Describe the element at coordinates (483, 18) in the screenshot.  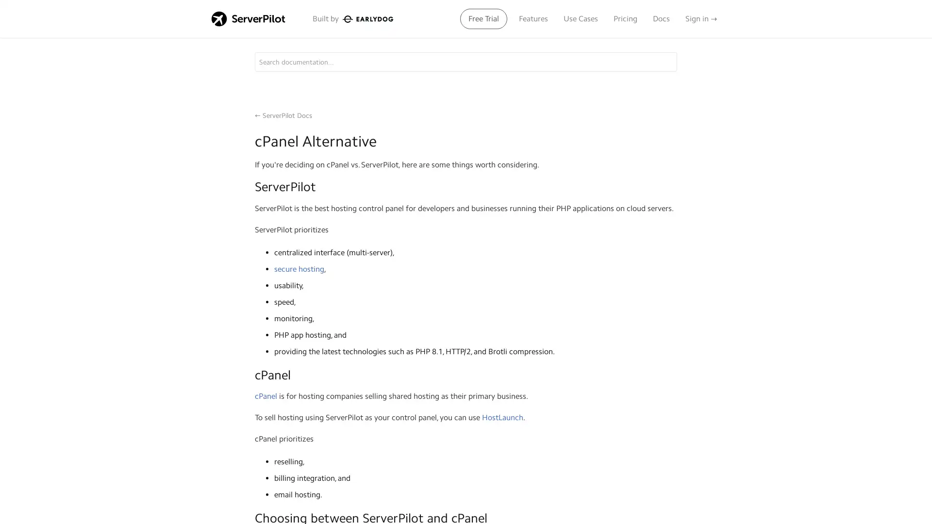
I see `Free Trial` at that location.